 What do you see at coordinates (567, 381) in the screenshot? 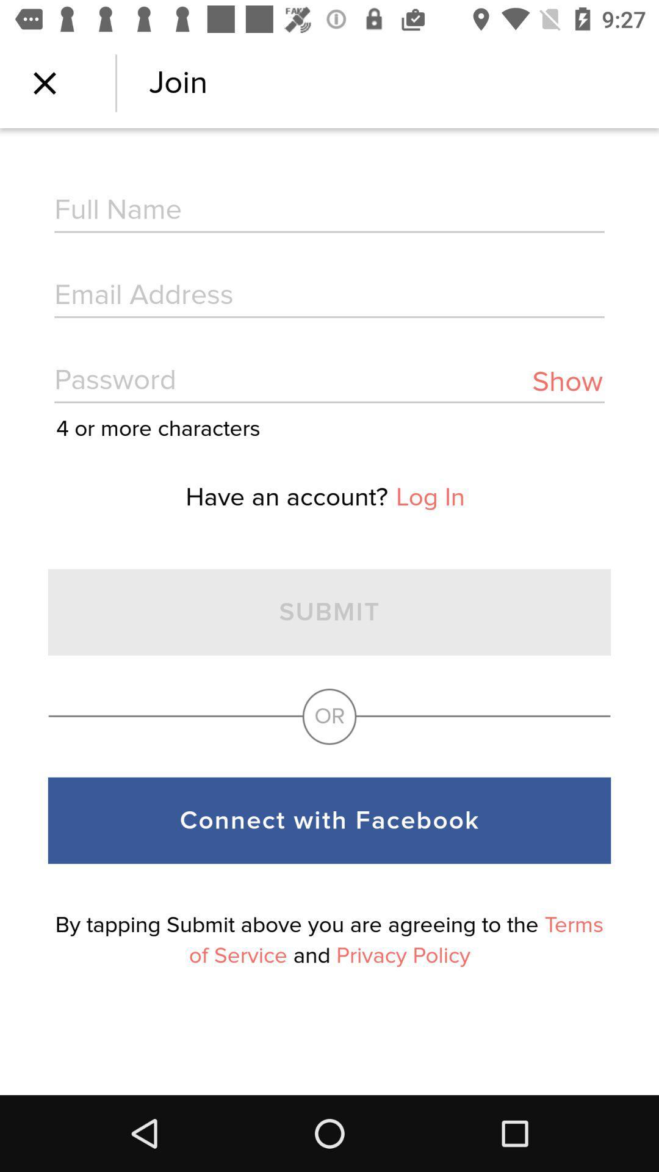
I see `icon above or item` at bounding box center [567, 381].